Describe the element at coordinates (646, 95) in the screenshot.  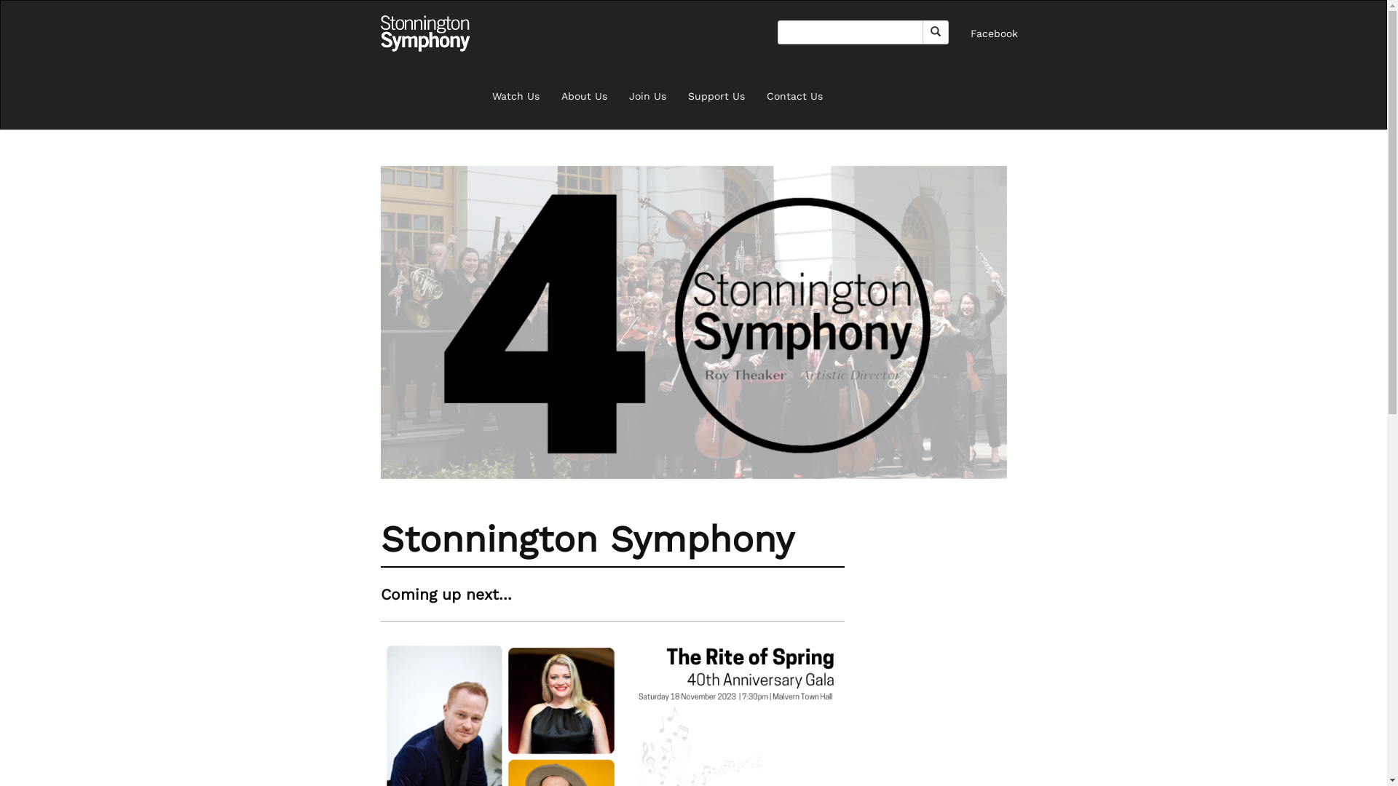
I see `'Join Us'` at that location.